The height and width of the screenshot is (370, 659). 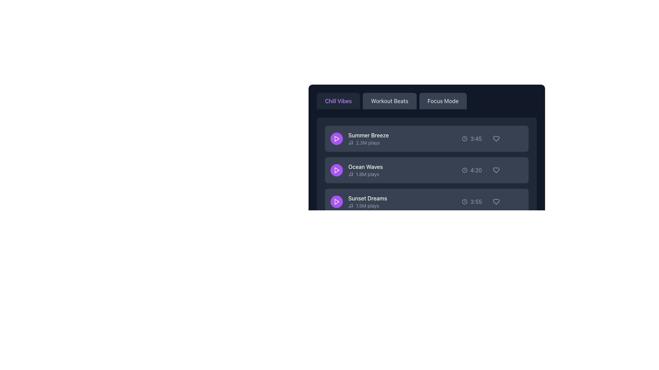 What do you see at coordinates (368, 139) in the screenshot?
I see `the first item in the vertical list of music tracks, which provides information about a music track including its title and the number of plays, located below the 'Chill Vibes' tab` at bounding box center [368, 139].